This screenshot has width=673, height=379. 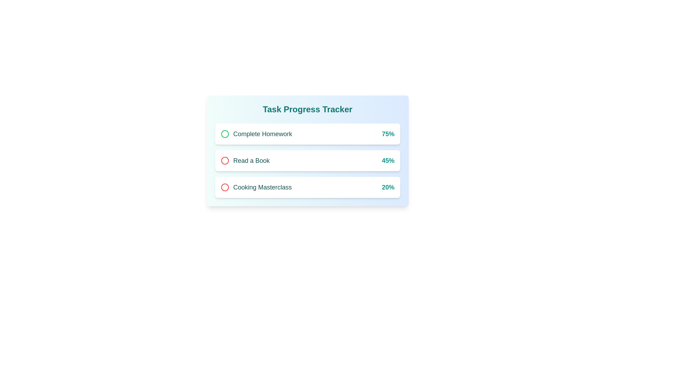 I want to click on the red circular icon with the text 'Cooking Masterclass' in bold teal font, which is the third entry in the task tracker interface, so click(x=256, y=187).